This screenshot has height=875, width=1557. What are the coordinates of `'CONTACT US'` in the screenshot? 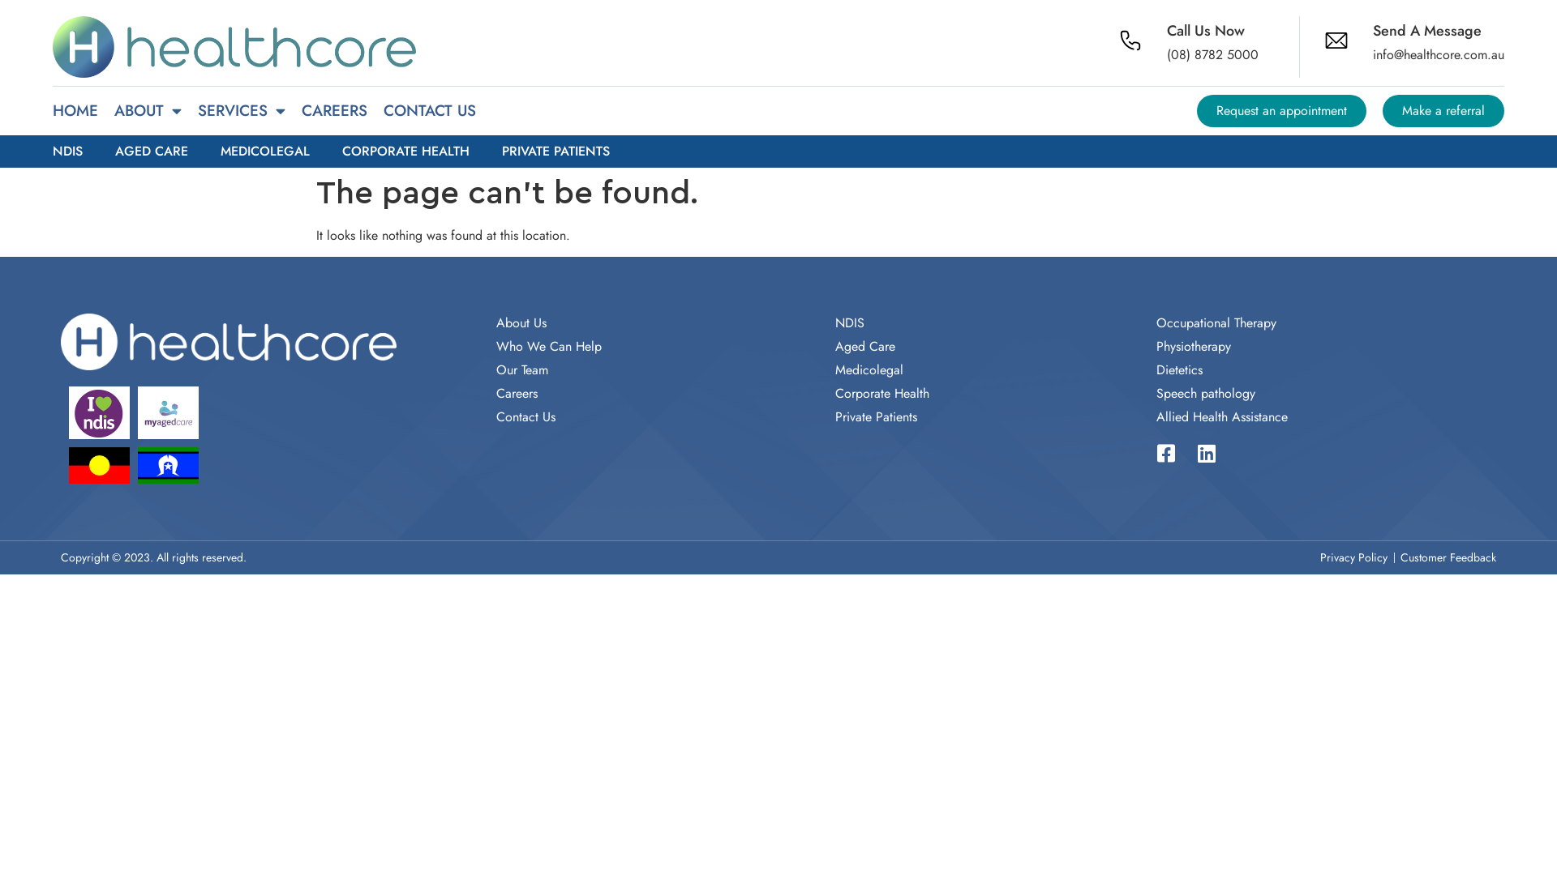 It's located at (429, 110).